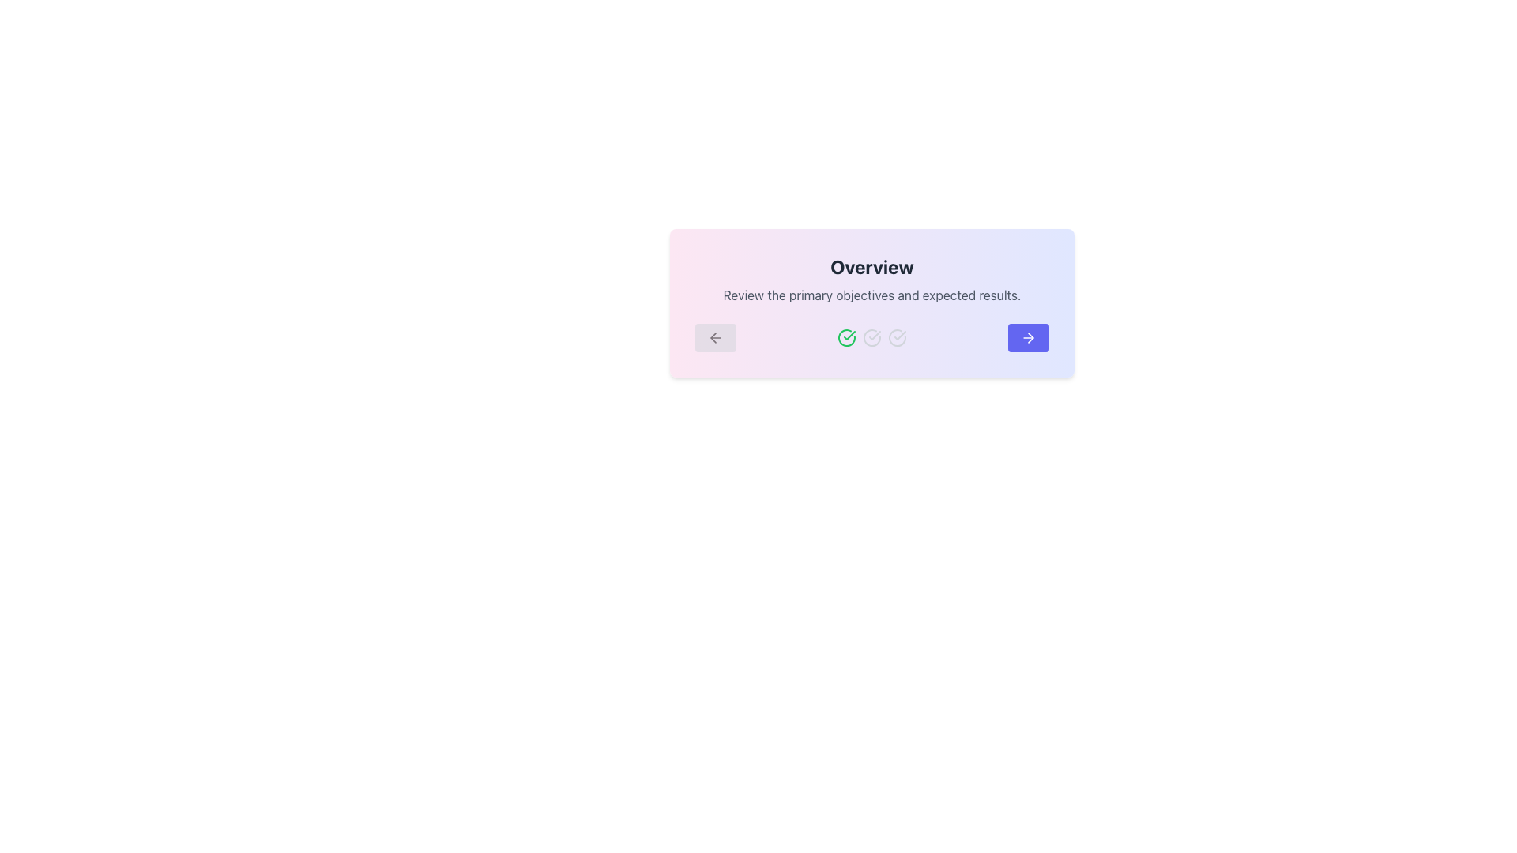 This screenshot has height=853, width=1517. I want to click on the green checkmark icon within the circular toolbar as an indicator, so click(849, 334).